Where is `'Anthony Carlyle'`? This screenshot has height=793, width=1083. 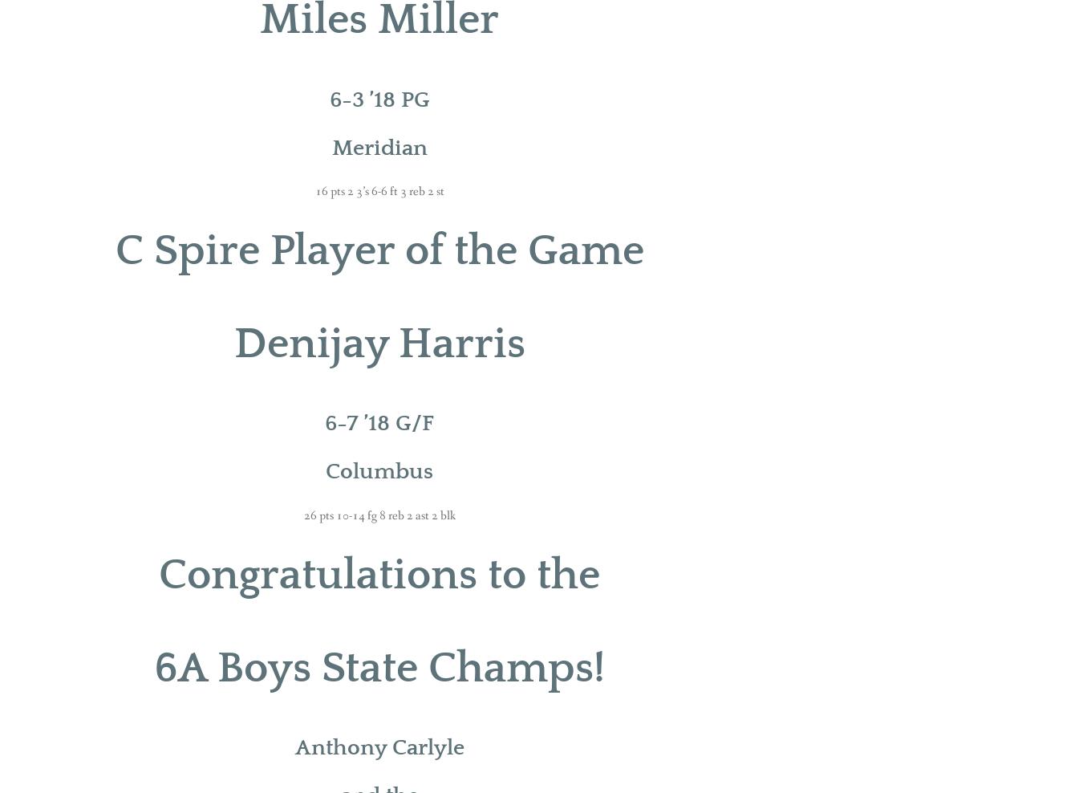 'Anthony Carlyle' is located at coordinates (378, 747).